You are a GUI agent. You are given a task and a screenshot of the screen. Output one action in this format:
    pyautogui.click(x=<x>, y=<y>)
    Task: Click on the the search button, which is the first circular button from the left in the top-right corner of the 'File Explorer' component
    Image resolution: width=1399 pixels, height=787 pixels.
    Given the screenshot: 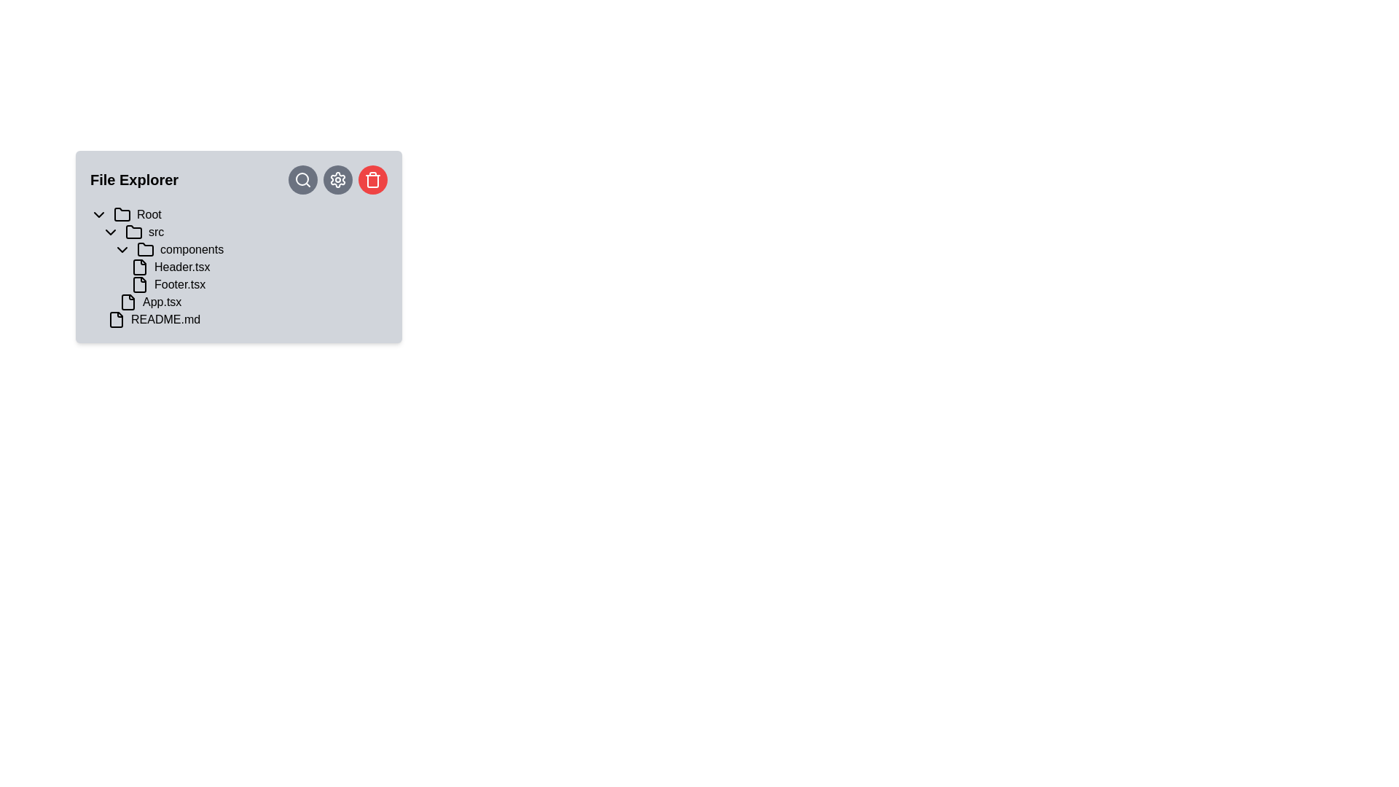 What is the action you would take?
    pyautogui.click(x=302, y=179)
    